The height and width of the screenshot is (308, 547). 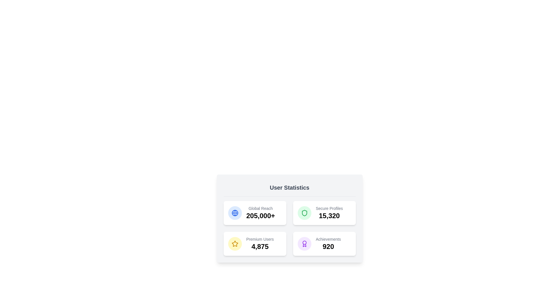 What do you see at coordinates (304, 244) in the screenshot?
I see `the circular badge with a purple background containing an award ribbon icon, located in the bottom-right area of the 'Achievements 920' section` at bounding box center [304, 244].